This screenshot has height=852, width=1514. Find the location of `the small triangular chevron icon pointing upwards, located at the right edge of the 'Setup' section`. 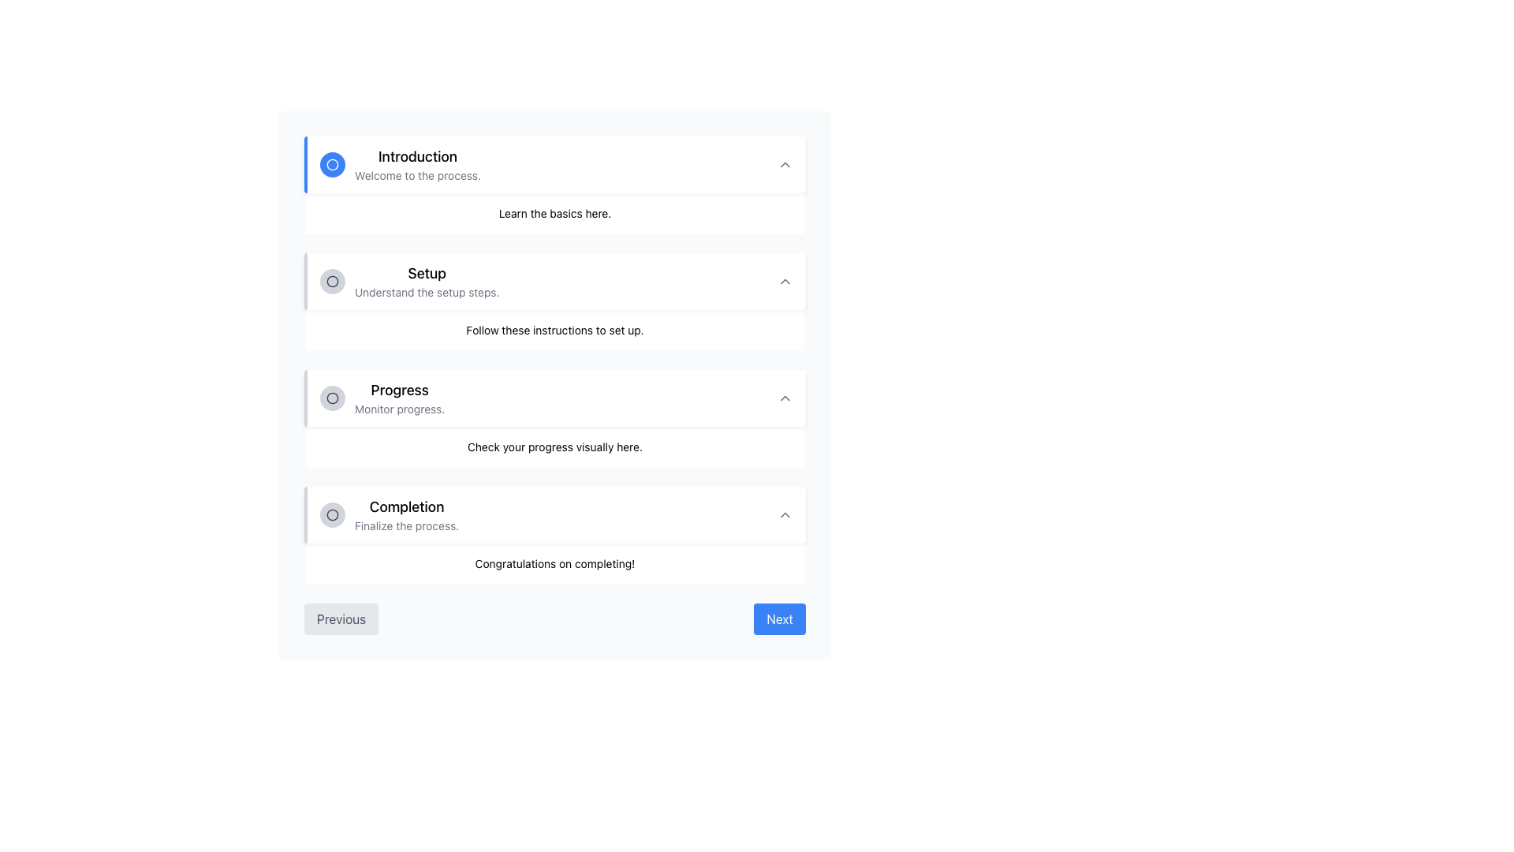

the small triangular chevron icon pointing upwards, located at the right edge of the 'Setup' section is located at coordinates (785, 281).